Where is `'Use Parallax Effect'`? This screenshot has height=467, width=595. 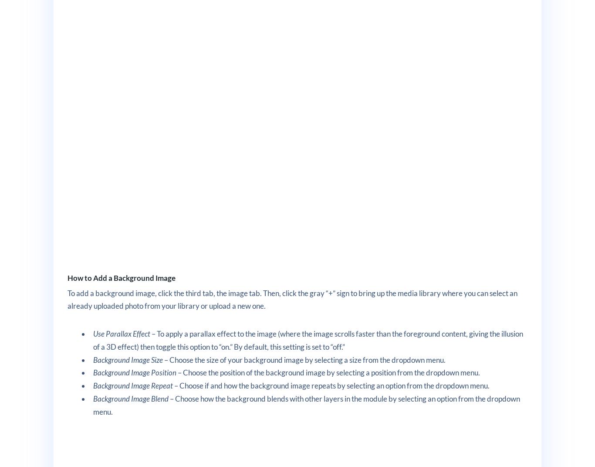 'Use Parallax Effect' is located at coordinates (122, 334).